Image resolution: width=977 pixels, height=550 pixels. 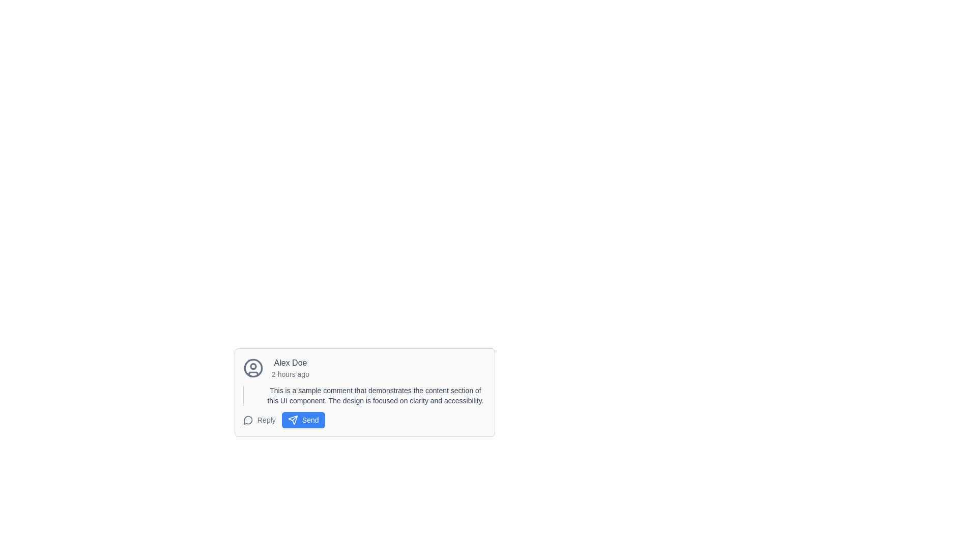 What do you see at coordinates (266, 420) in the screenshot?
I see `the clickable text label that reads 'Reply', styled in gray, located below a user comment interface, adjacent to a speech bubble icon and a blue 'Send' button` at bounding box center [266, 420].